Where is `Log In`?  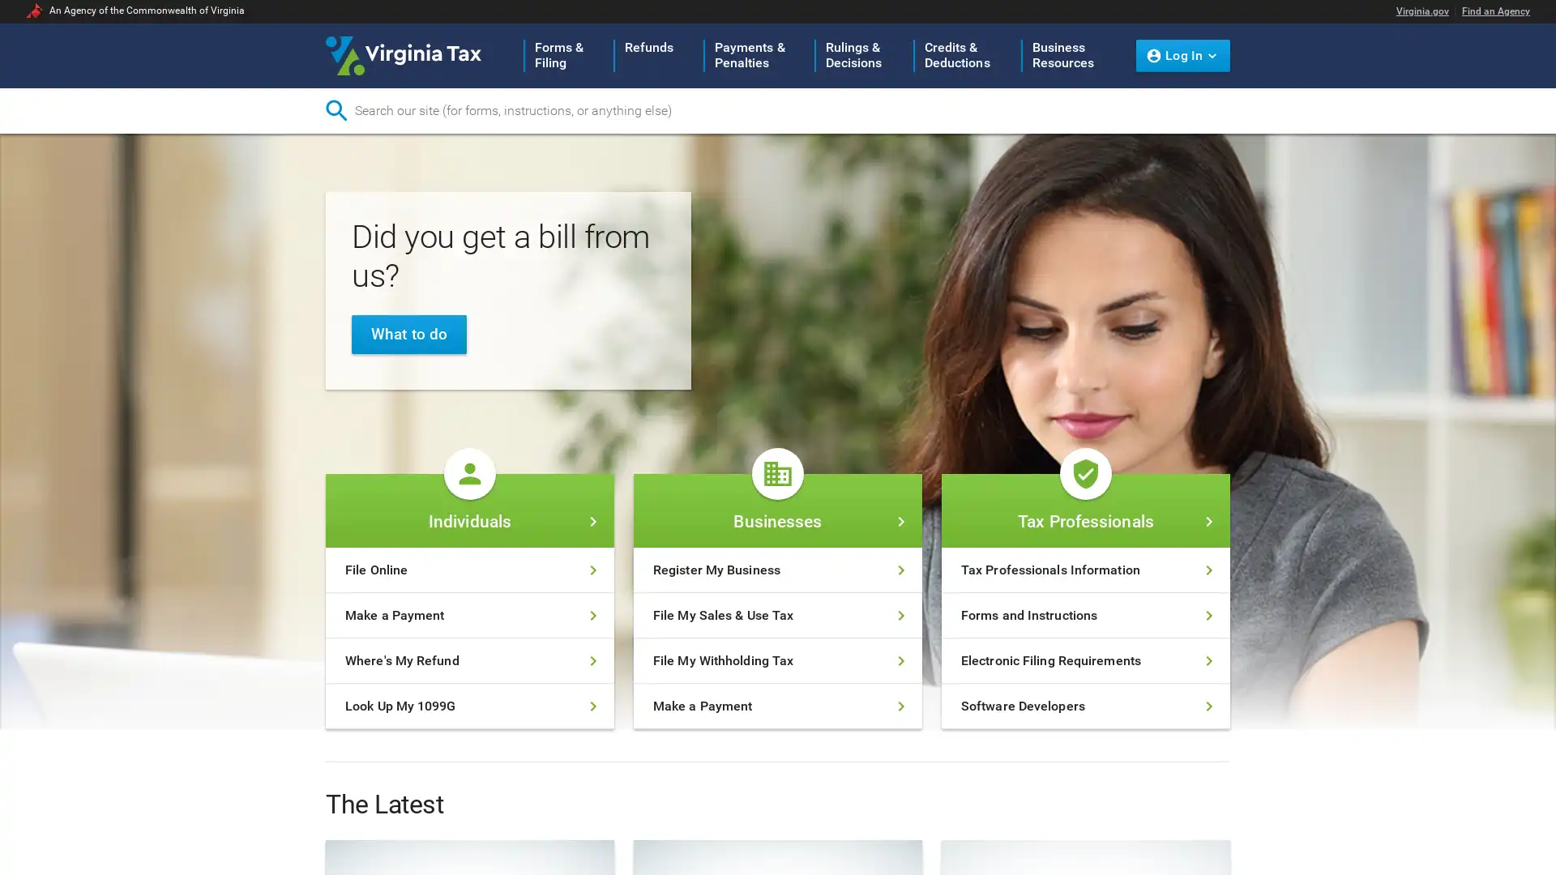
Log In is located at coordinates (1182, 54).